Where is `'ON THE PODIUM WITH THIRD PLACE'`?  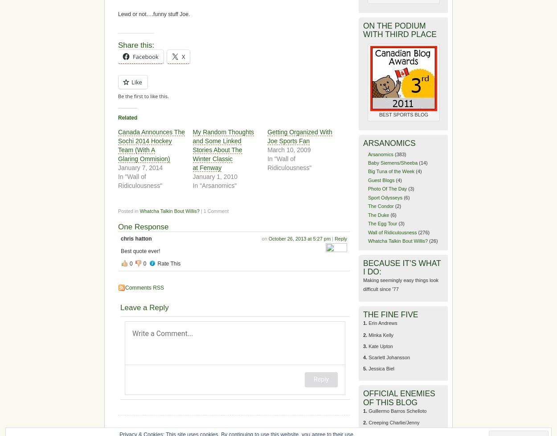 'ON THE PODIUM WITH THIRD PLACE' is located at coordinates (400, 30).